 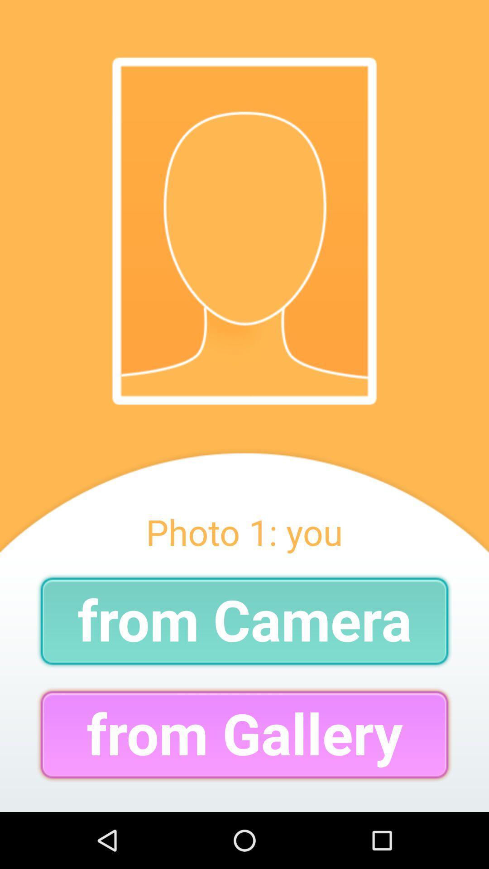 What do you see at coordinates (244, 621) in the screenshot?
I see `item above from gallery item` at bounding box center [244, 621].